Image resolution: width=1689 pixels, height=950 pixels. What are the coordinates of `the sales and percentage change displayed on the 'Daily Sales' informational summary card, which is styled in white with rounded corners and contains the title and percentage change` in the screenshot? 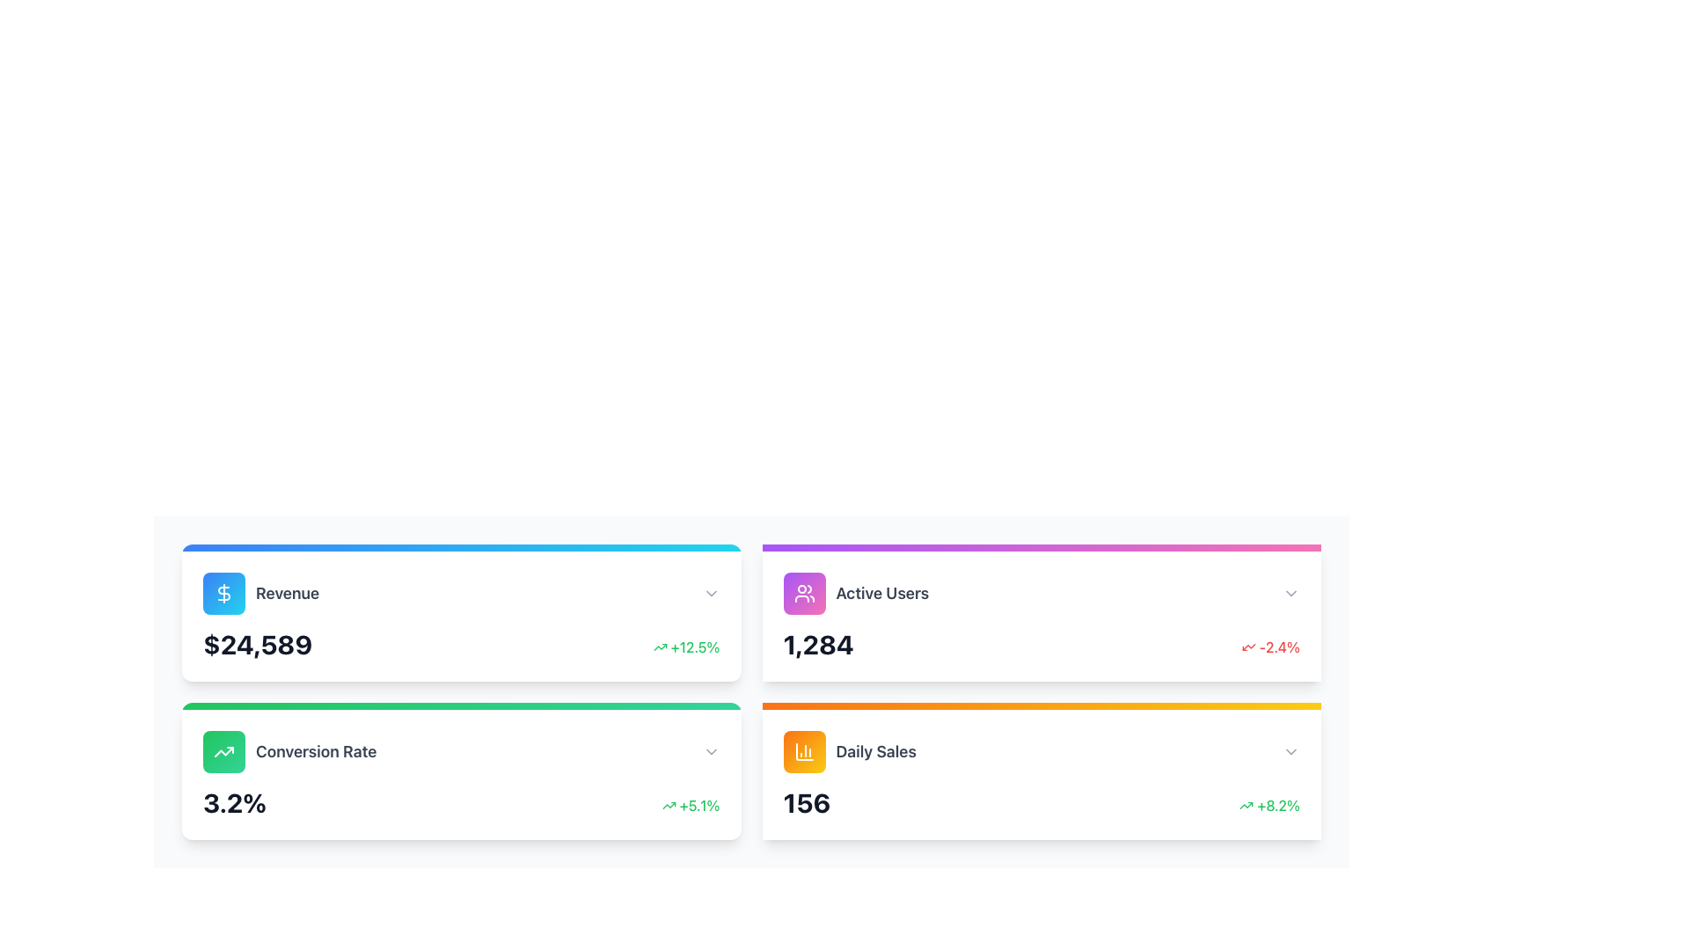 It's located at (1042, 770).